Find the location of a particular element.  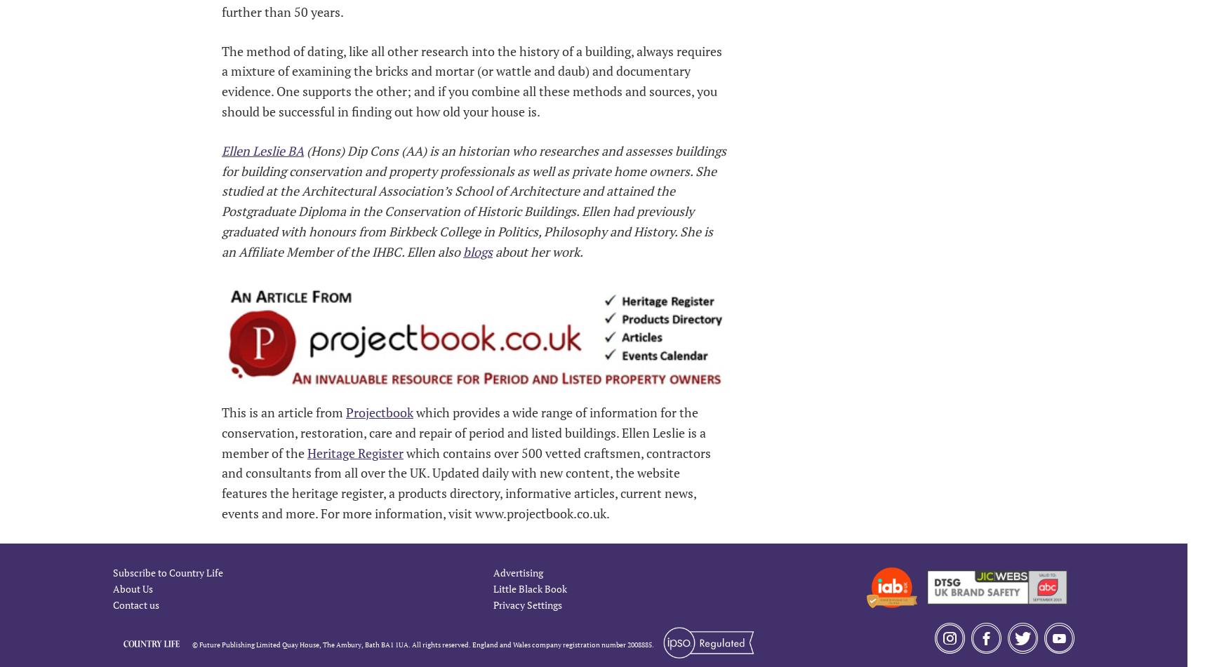

'Privacy Settings' is located at coordinates (528, 603).